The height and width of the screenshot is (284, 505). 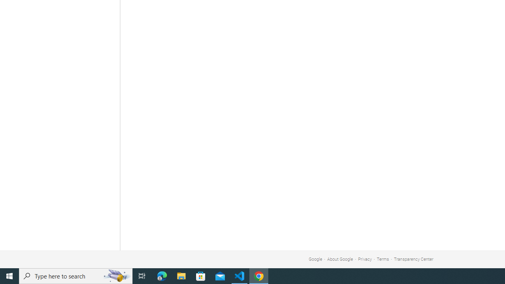 I want to click on 'Google', so click(x=315, y=259).